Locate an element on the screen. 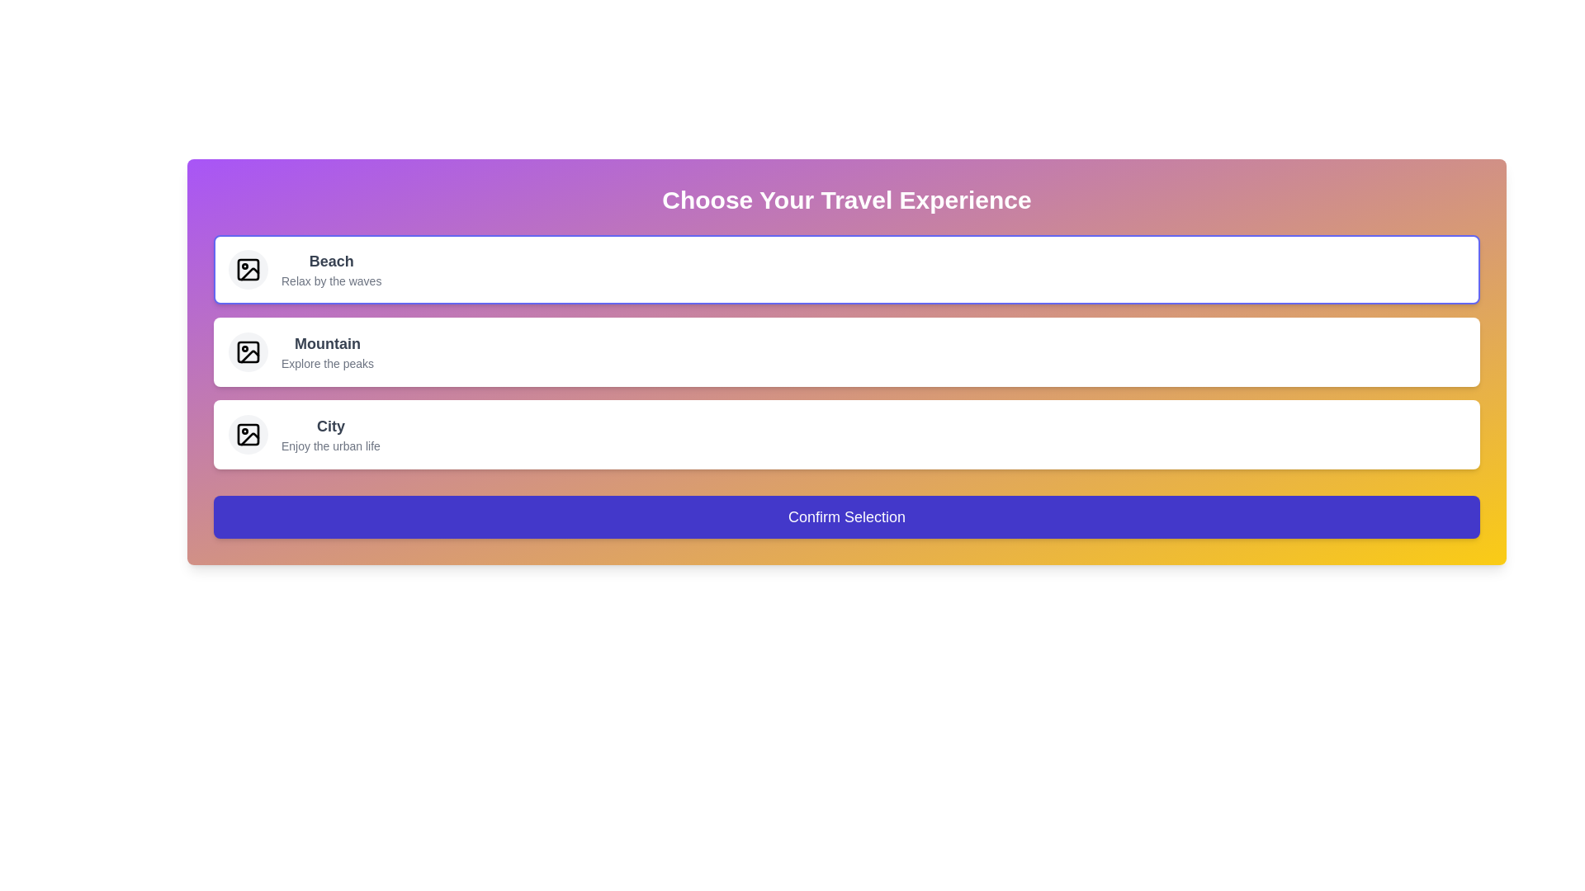 The image size is (1585, 891). the text element that reads 'Enjoy the urban life', which is styled in gray and positioned below the heading 'City' in the interface is located at coordinates (330, 445).